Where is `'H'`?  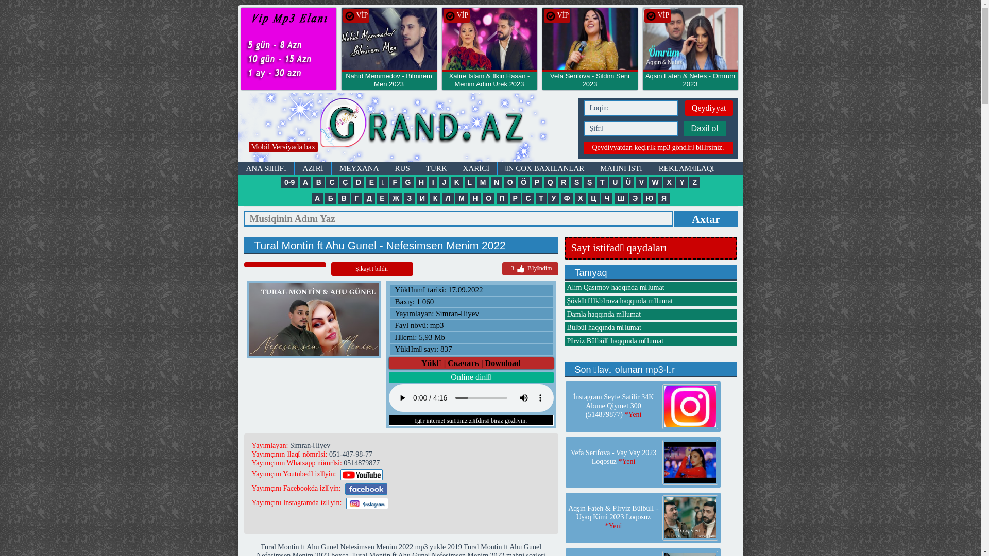 'H' is located at coordinates (421, 182).